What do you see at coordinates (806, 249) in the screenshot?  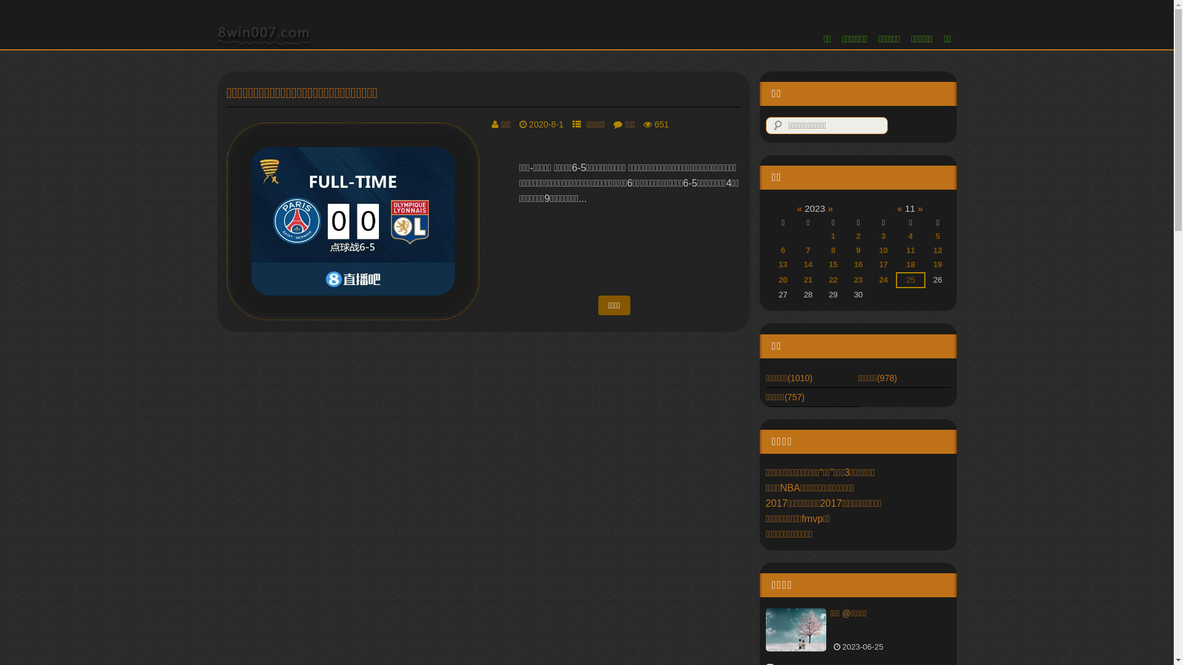 I see `'7'` at bounding box center [806, 249].